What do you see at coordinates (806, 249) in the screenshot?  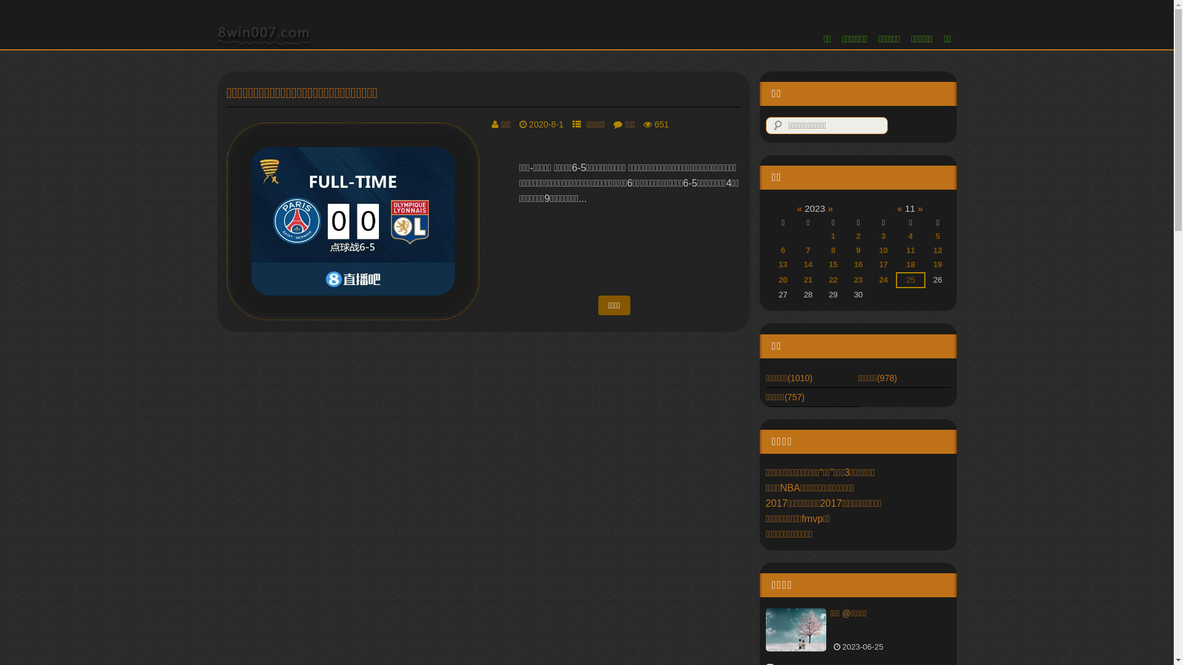 I see `'7'` at bounding box center [806, 249].